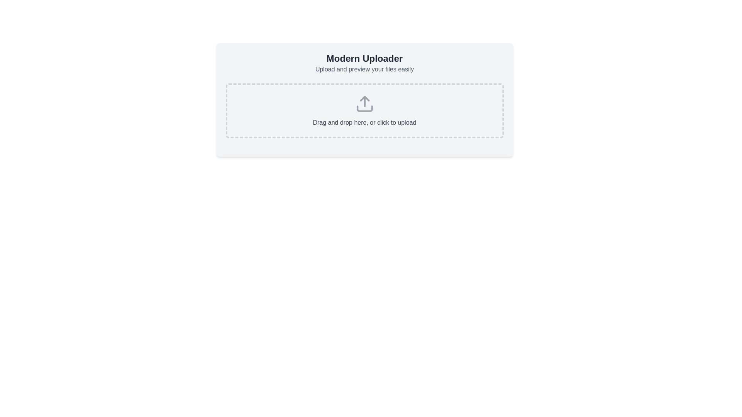  What do you see at coordinates (364, 63) in the screenshot?
I see `information provided in the text block with the heading 'Modern Uploader' and subtitle 'Upload and preview your files easily', located at the top center of the content box` at bounding box center [364, 63].